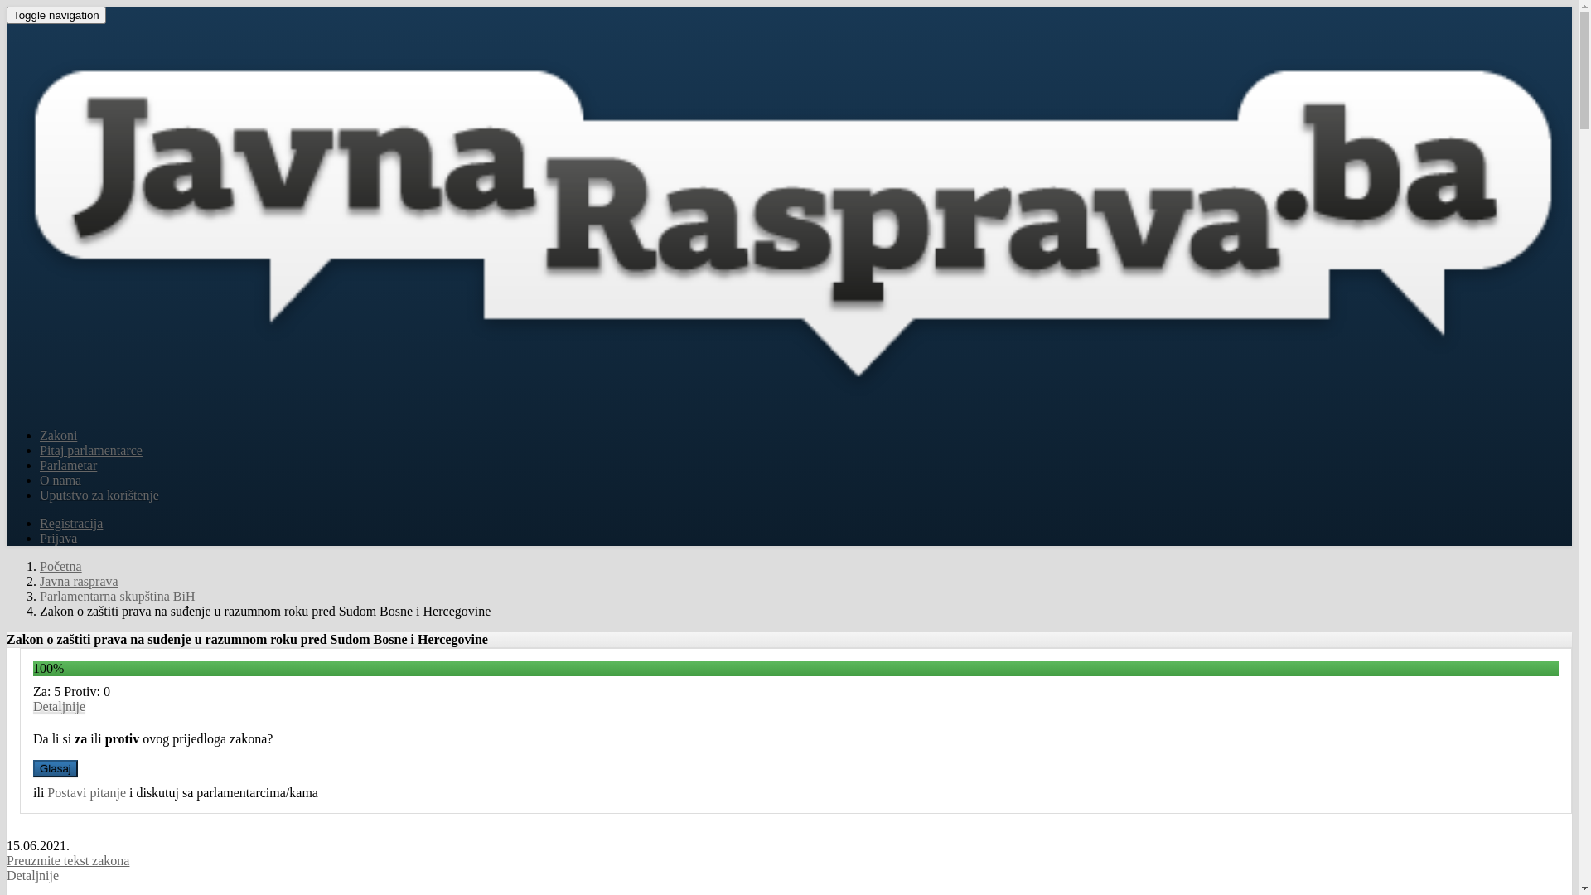 The height and width of the screenshot is (895, 1591). What do you see at coordinates (70, 523) in the screenshot?
I see `'Registracija'` at bounding box center [70, 523].